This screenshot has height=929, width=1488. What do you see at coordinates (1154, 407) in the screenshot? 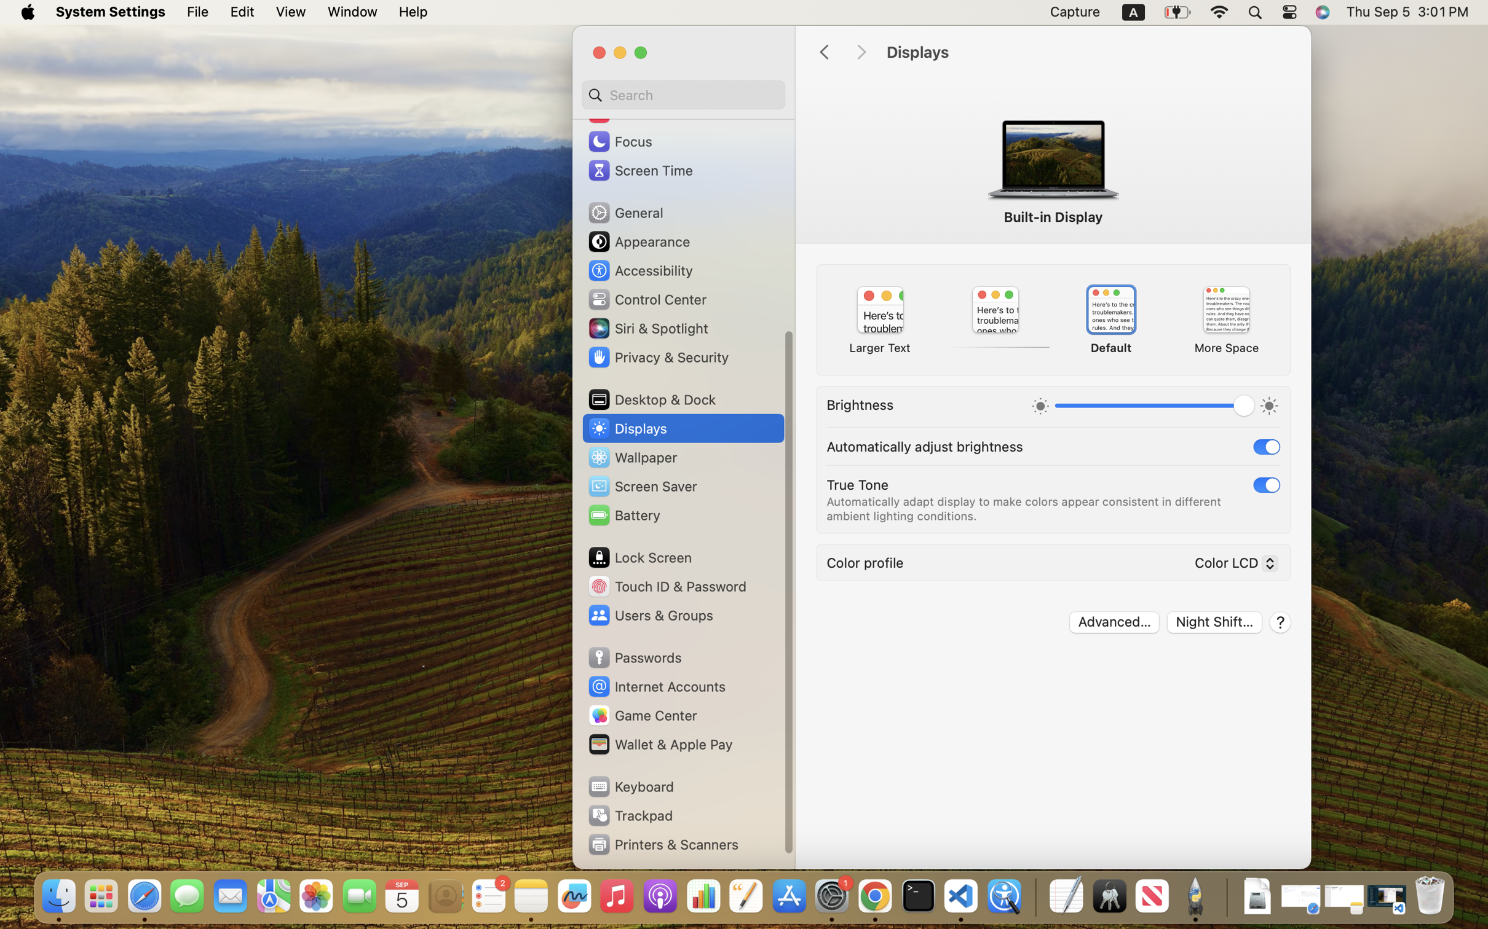
I see `'1.0'` at bounding box center [1154, 407].